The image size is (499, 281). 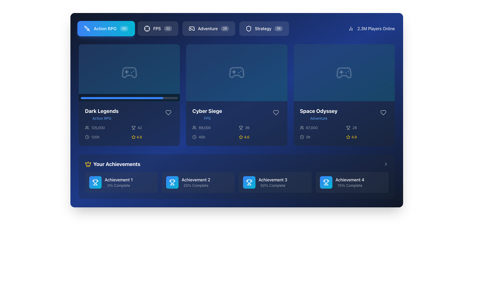 What do you see at coordinates (383, 112) in the screenshot?
I see `the heart icon representing the 'favorite' feature located at the bottom-right corner of the 'Space Odyssey' game card` at bounding box center [383, 112].